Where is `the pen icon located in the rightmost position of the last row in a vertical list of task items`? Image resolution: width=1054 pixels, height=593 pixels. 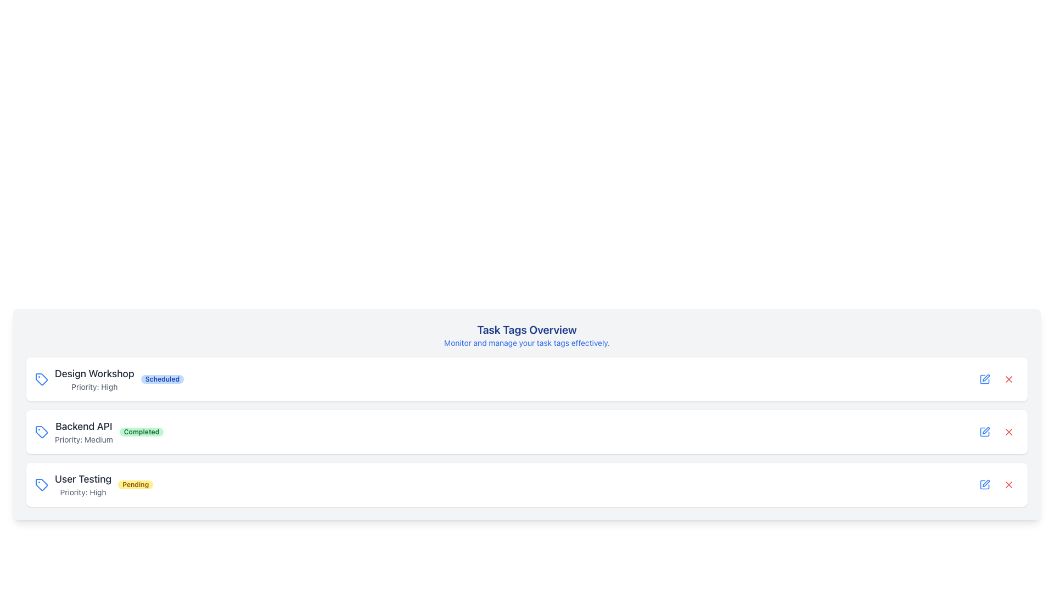
the pen icon located in the rightmost position of the last row in a vertical list of task items is located at coordinates (986, 483).